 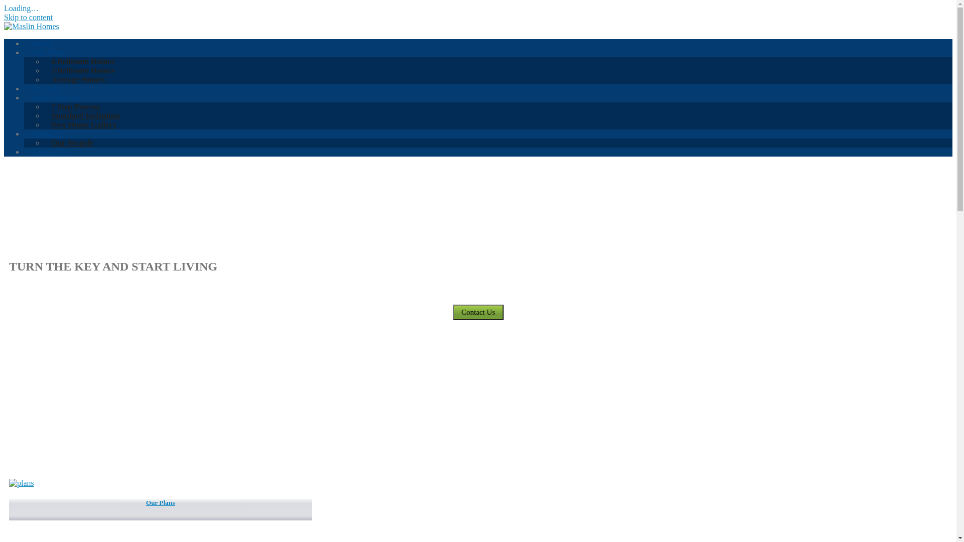 What do you see at coordinates (45, 88) in the screenshot?
I see `'For Sale'` at bounding box center [45, 88].